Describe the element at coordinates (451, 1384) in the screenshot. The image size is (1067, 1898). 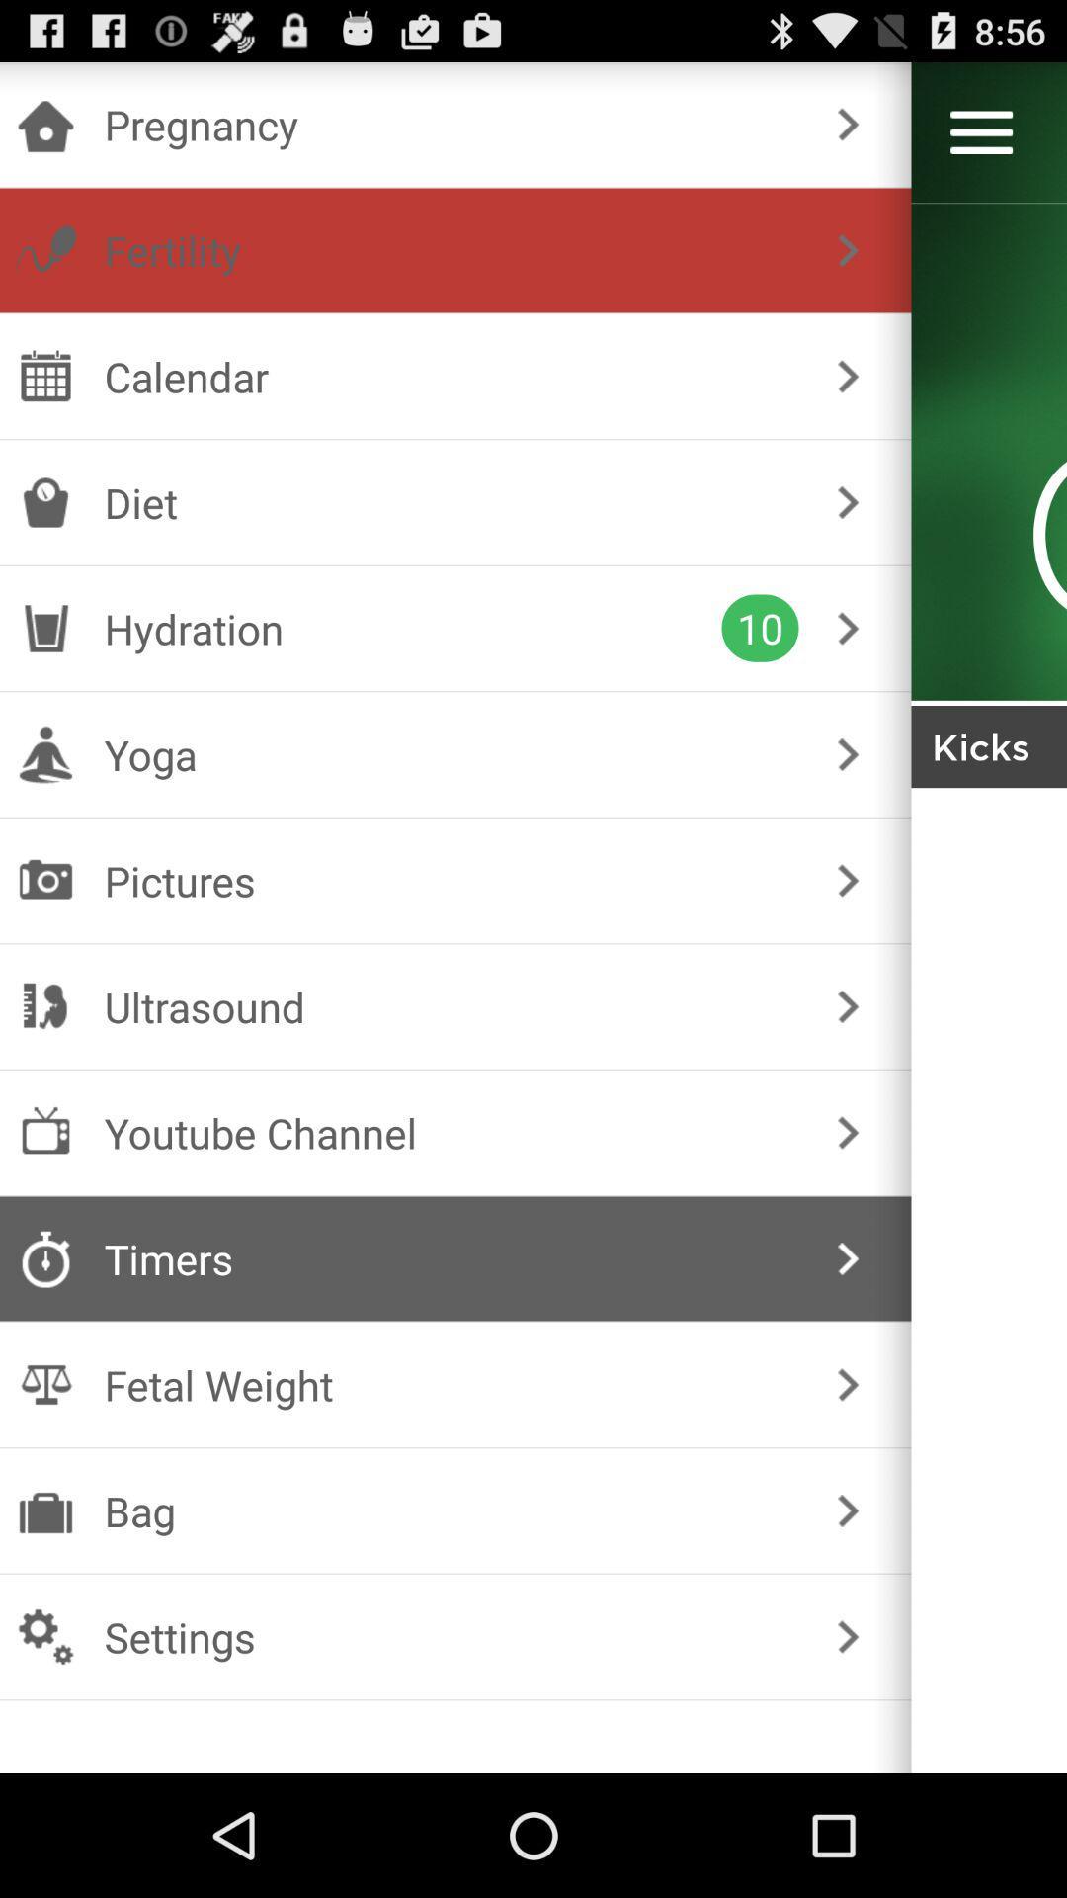
I see `the fetal weight icon` at that location.